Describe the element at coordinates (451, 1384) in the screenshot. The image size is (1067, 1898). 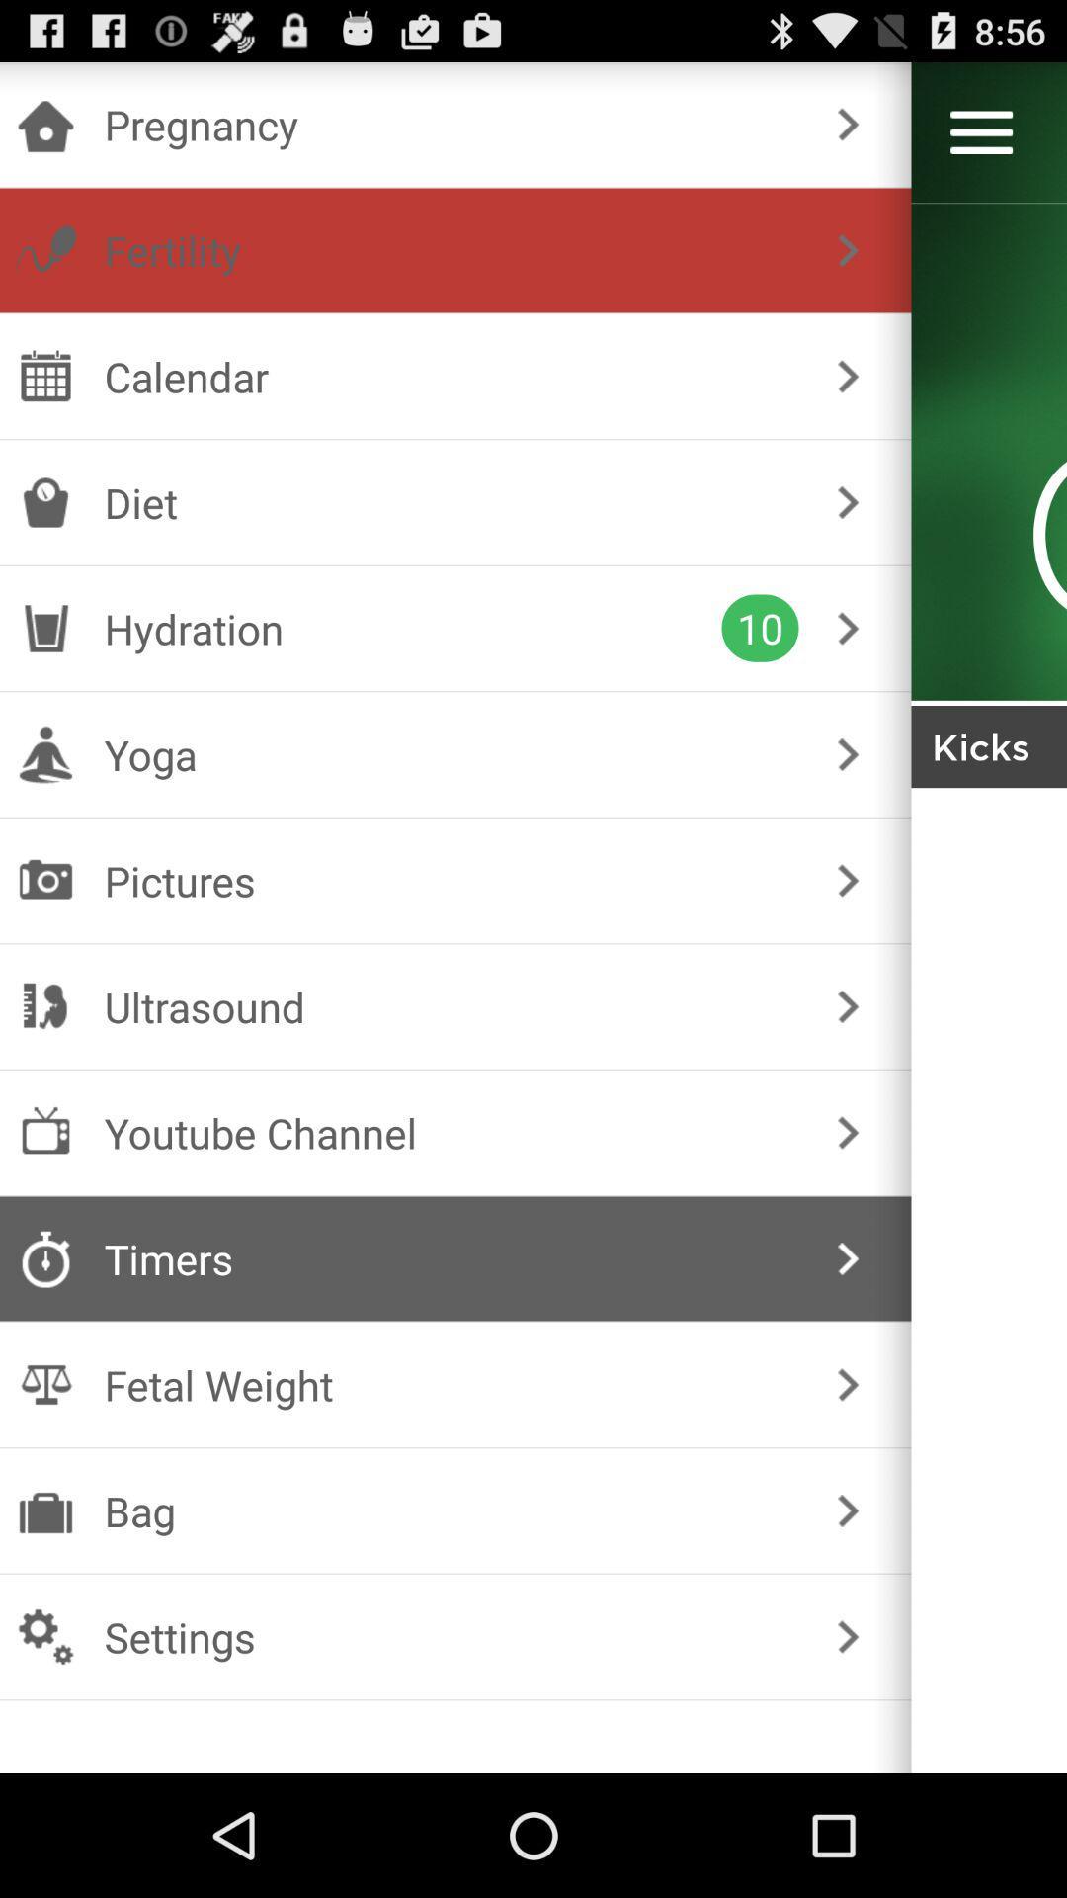
I see `the fetal weight icon` at that location.